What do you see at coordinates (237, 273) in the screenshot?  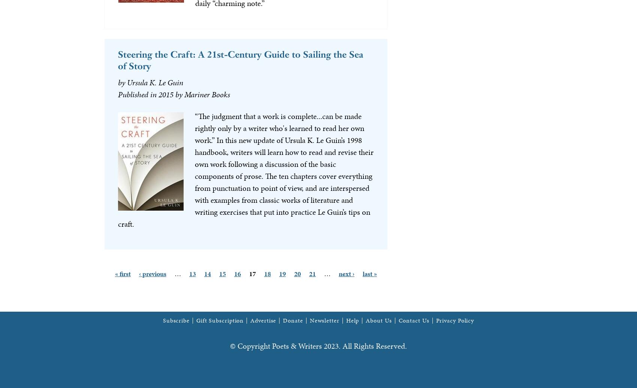 I see `'16'` at bounding box center [237, 273].